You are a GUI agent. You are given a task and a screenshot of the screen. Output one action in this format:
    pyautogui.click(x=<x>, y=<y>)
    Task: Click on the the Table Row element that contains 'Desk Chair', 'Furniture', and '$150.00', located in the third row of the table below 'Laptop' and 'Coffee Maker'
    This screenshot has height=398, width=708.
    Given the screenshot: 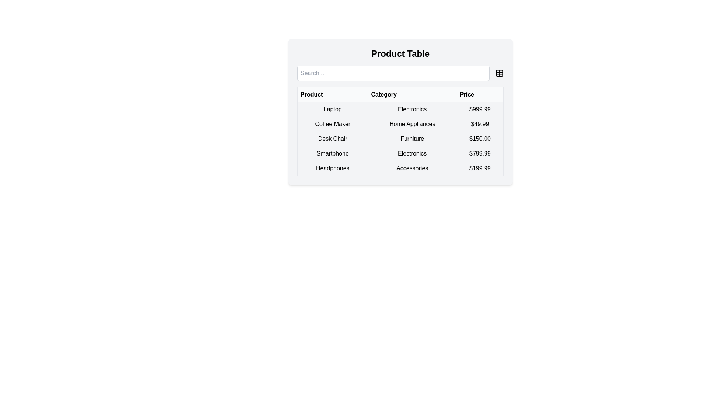 What is the action you would take?
    pyautogui.click(x=400, y=139)
    